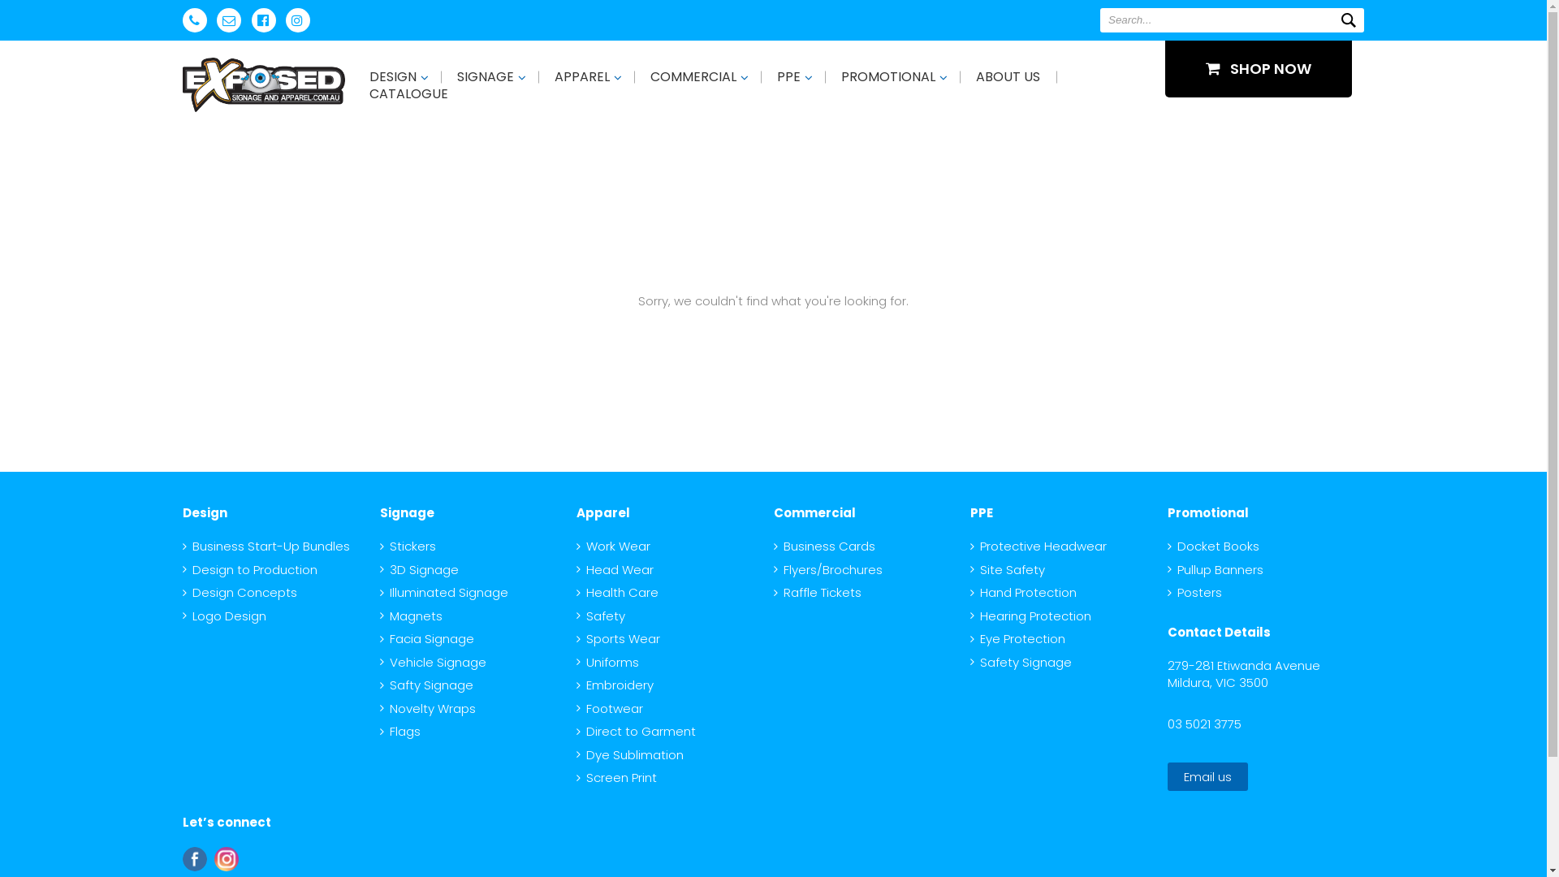  Describe the element at coordinates (400, 731) in the screenshot. I see `'Flags'` at that location.